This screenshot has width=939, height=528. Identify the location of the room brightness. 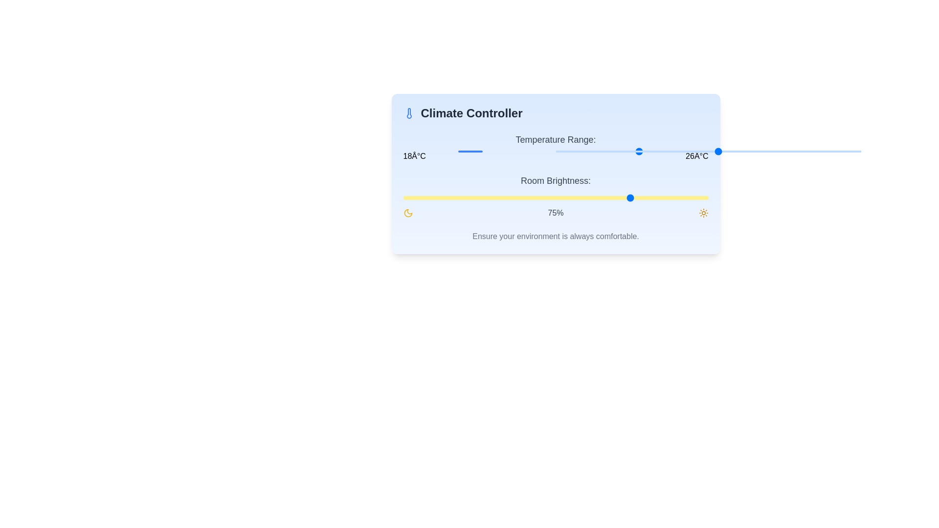
(509, 198).